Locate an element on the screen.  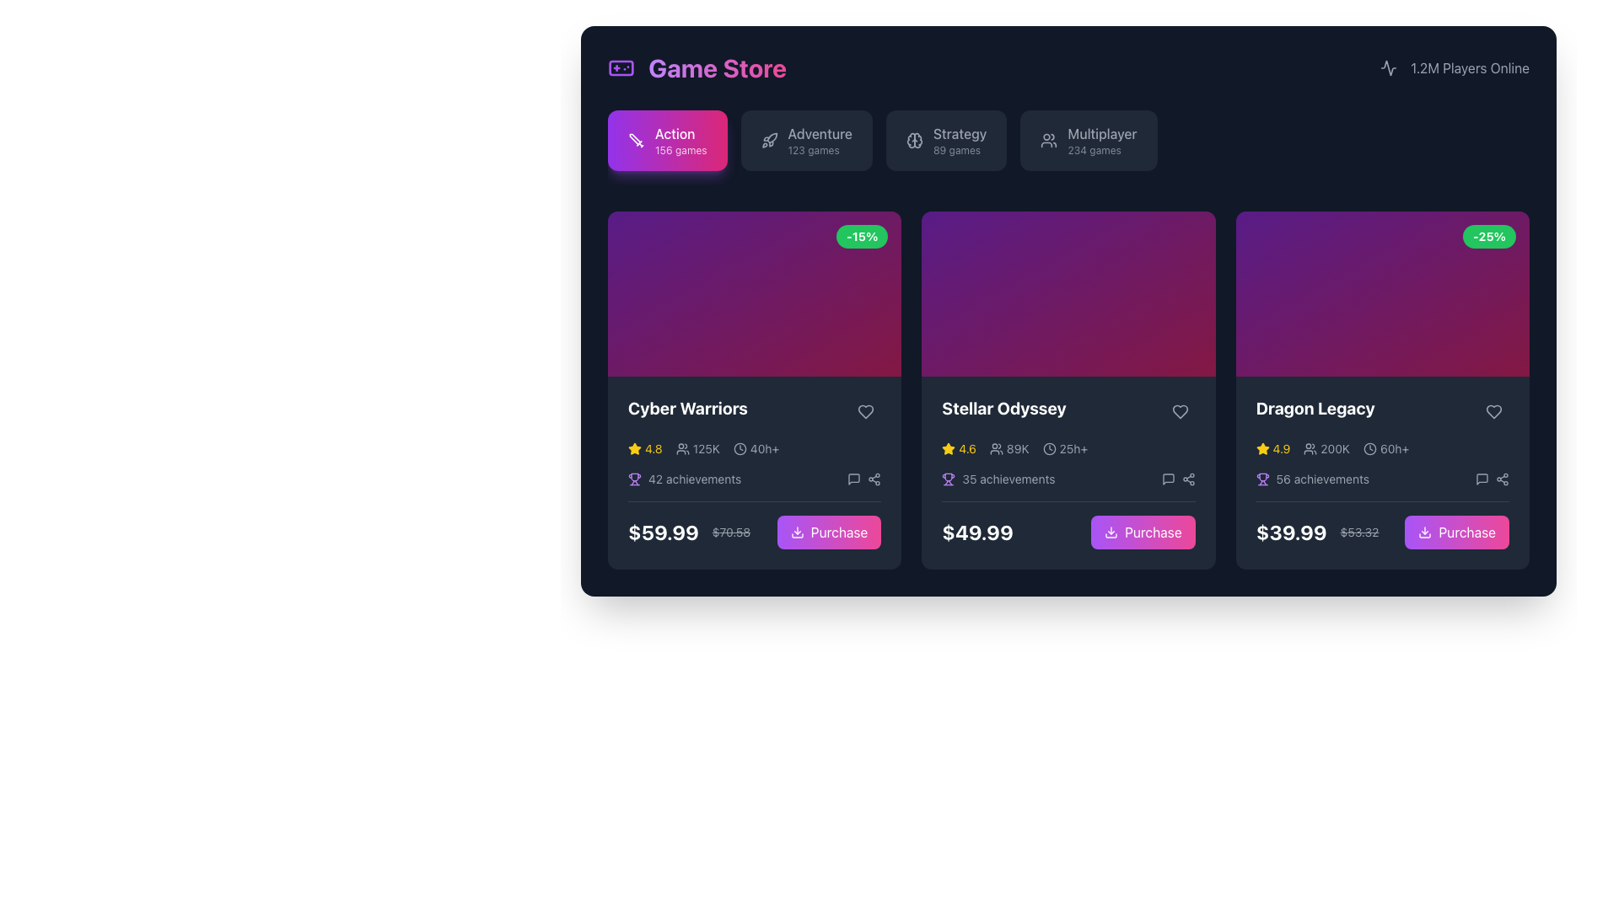
the decorative game icon located in the header section, immediately to the left of the 'Game Store' title is located at coordinates (621, 67).